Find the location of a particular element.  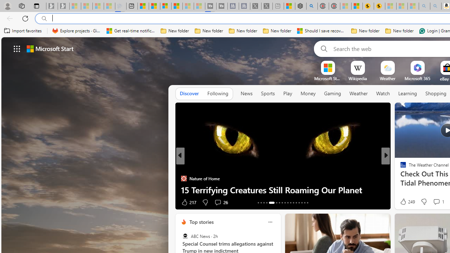

'Amazon Echo Dot PNG - Search Images - Sleeping' is located at coordinates (435, 6).